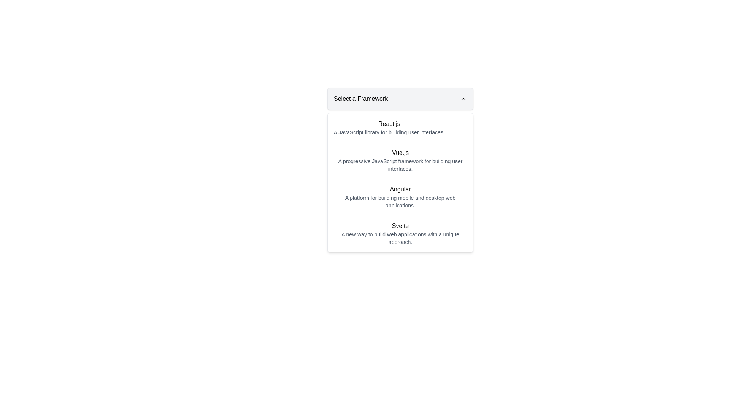  What do you see at coordinates (400, 201) in the screenshot?
I see `descriptive text block located beneath the bold 'Angular' heading within the 'Angular' card, centered horizontally in the modal` at bounding box center [400, 201].